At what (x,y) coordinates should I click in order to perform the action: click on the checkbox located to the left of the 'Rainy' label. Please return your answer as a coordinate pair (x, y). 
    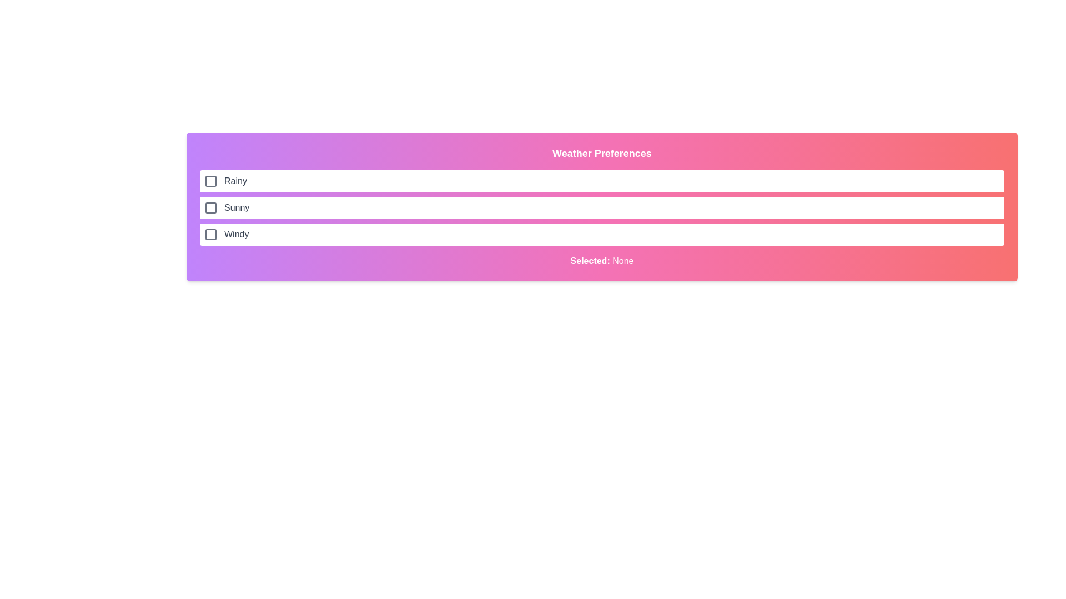
    Looking at the image, I should click on (210, 181).